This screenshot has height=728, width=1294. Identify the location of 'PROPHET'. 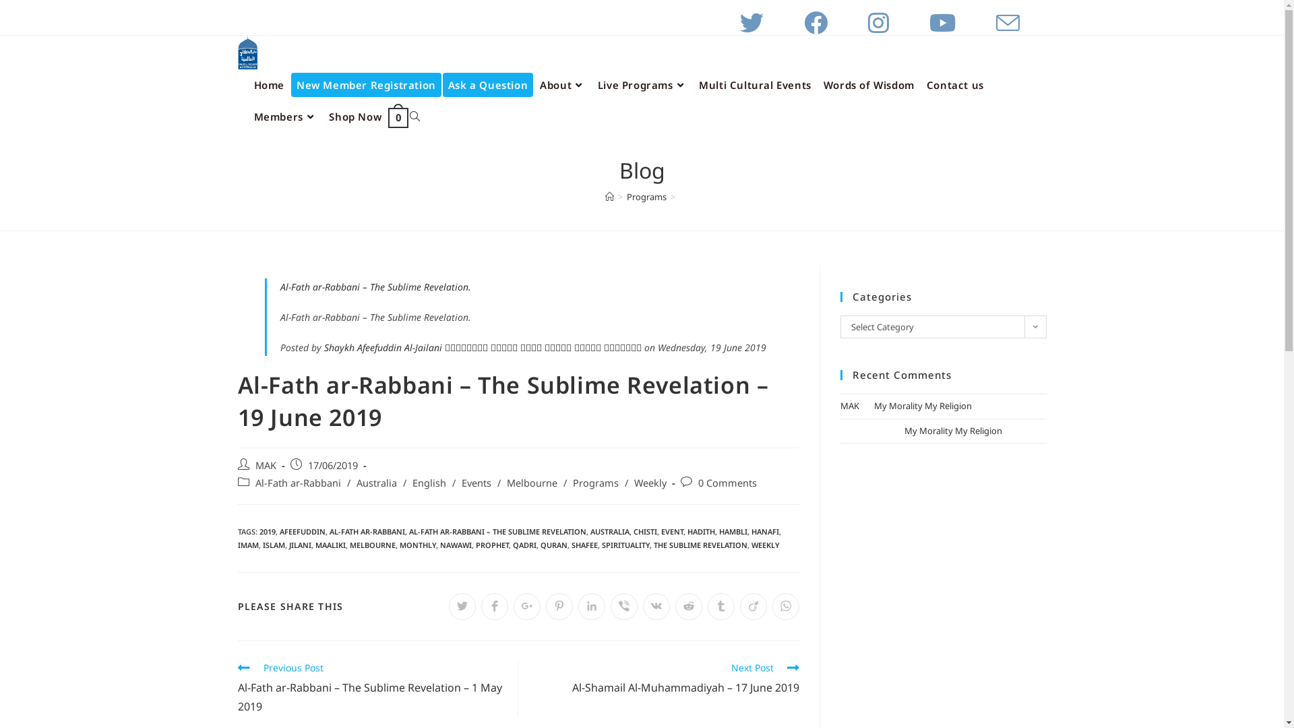
(491, 544).